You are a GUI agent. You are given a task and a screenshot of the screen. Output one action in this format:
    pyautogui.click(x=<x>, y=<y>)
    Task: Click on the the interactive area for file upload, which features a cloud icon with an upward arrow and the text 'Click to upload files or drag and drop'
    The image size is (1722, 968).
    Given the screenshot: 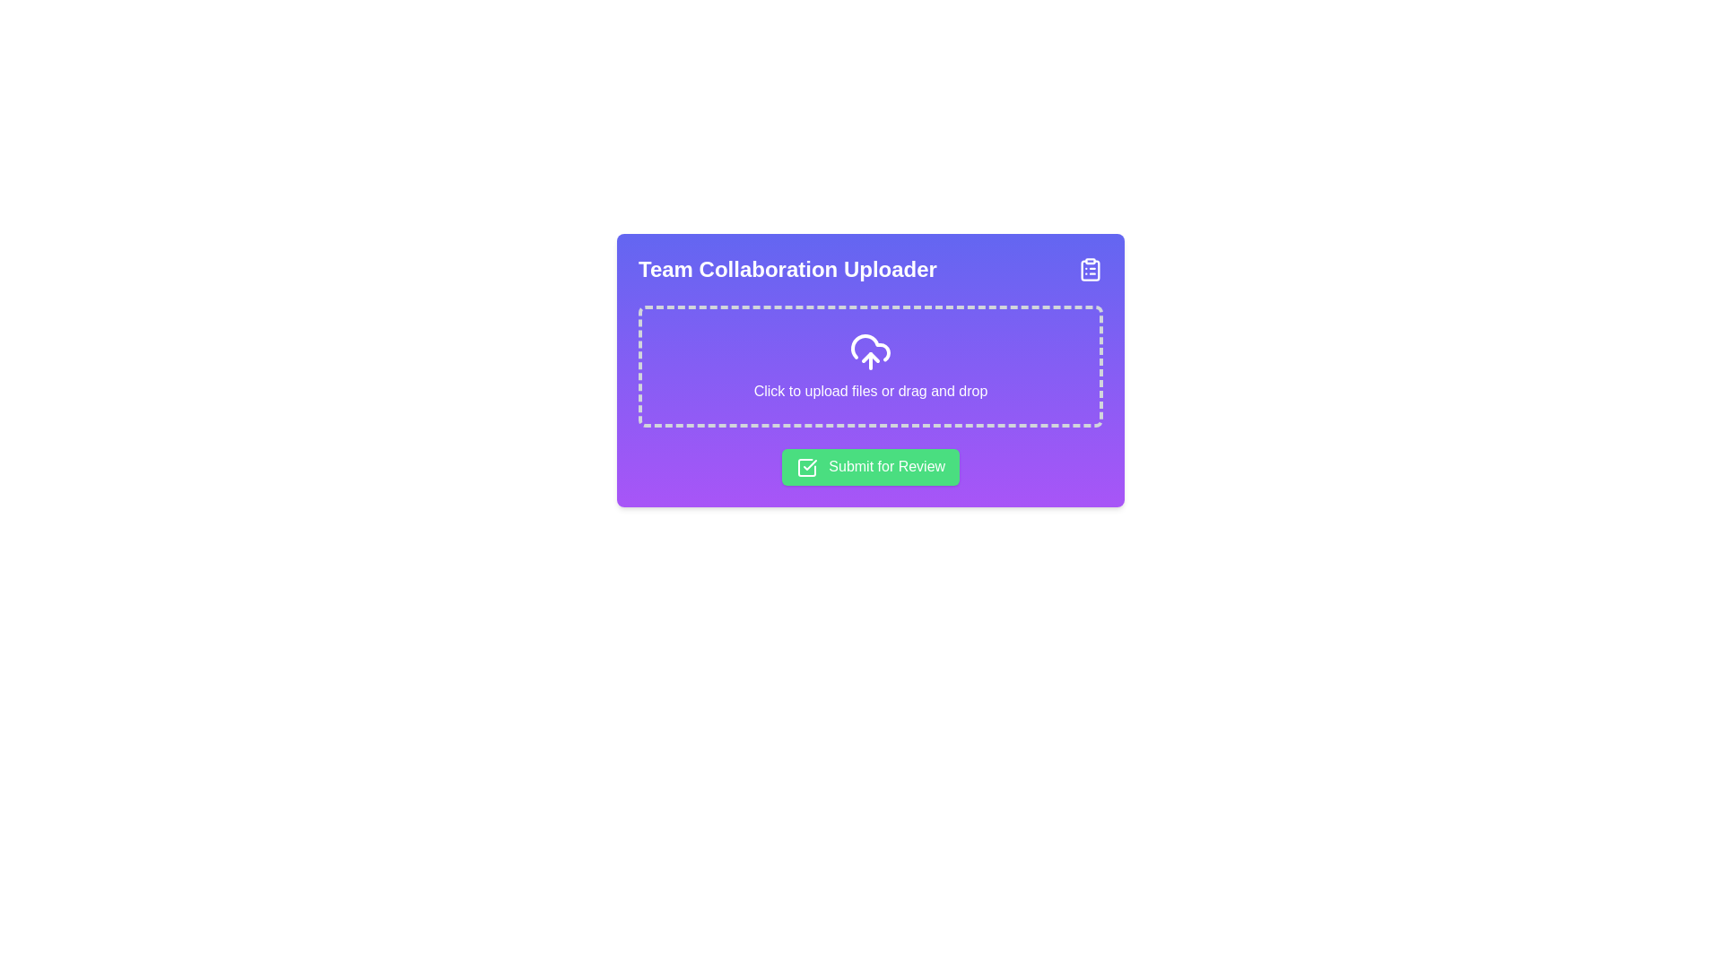 What is the action you would take?
    pyautogui.click(x=870, y=365)
    